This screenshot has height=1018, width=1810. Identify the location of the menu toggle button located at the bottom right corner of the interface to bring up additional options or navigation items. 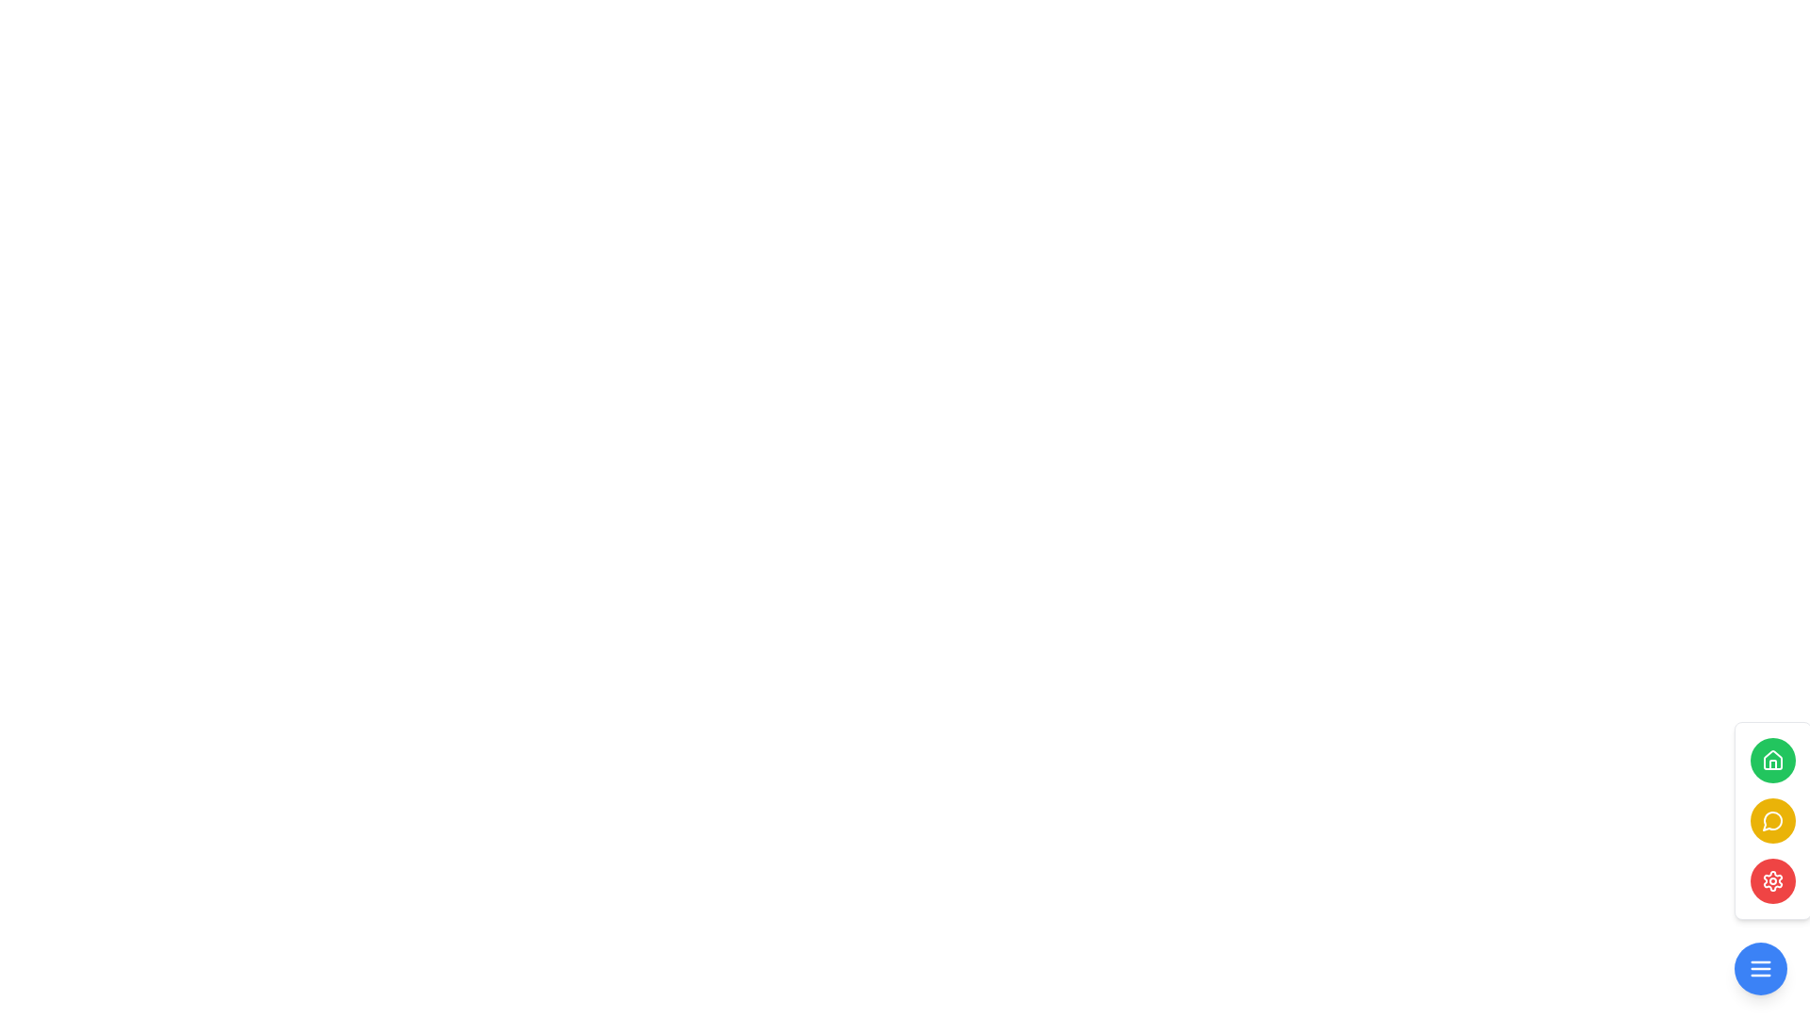
(1759, 969).